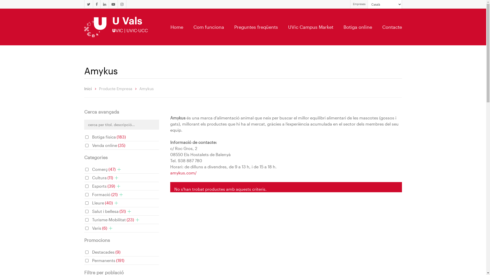  Describe the element at coordinates (310, 27) in the screenshot. I see `'UVic Campus Market'` at that location.